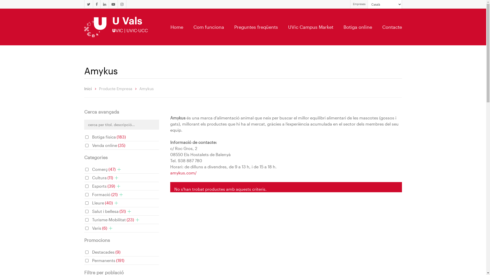  Describe the element at coordinates (310, 27) in the screenshot. I see `'UVic Campus Market'` at that location.